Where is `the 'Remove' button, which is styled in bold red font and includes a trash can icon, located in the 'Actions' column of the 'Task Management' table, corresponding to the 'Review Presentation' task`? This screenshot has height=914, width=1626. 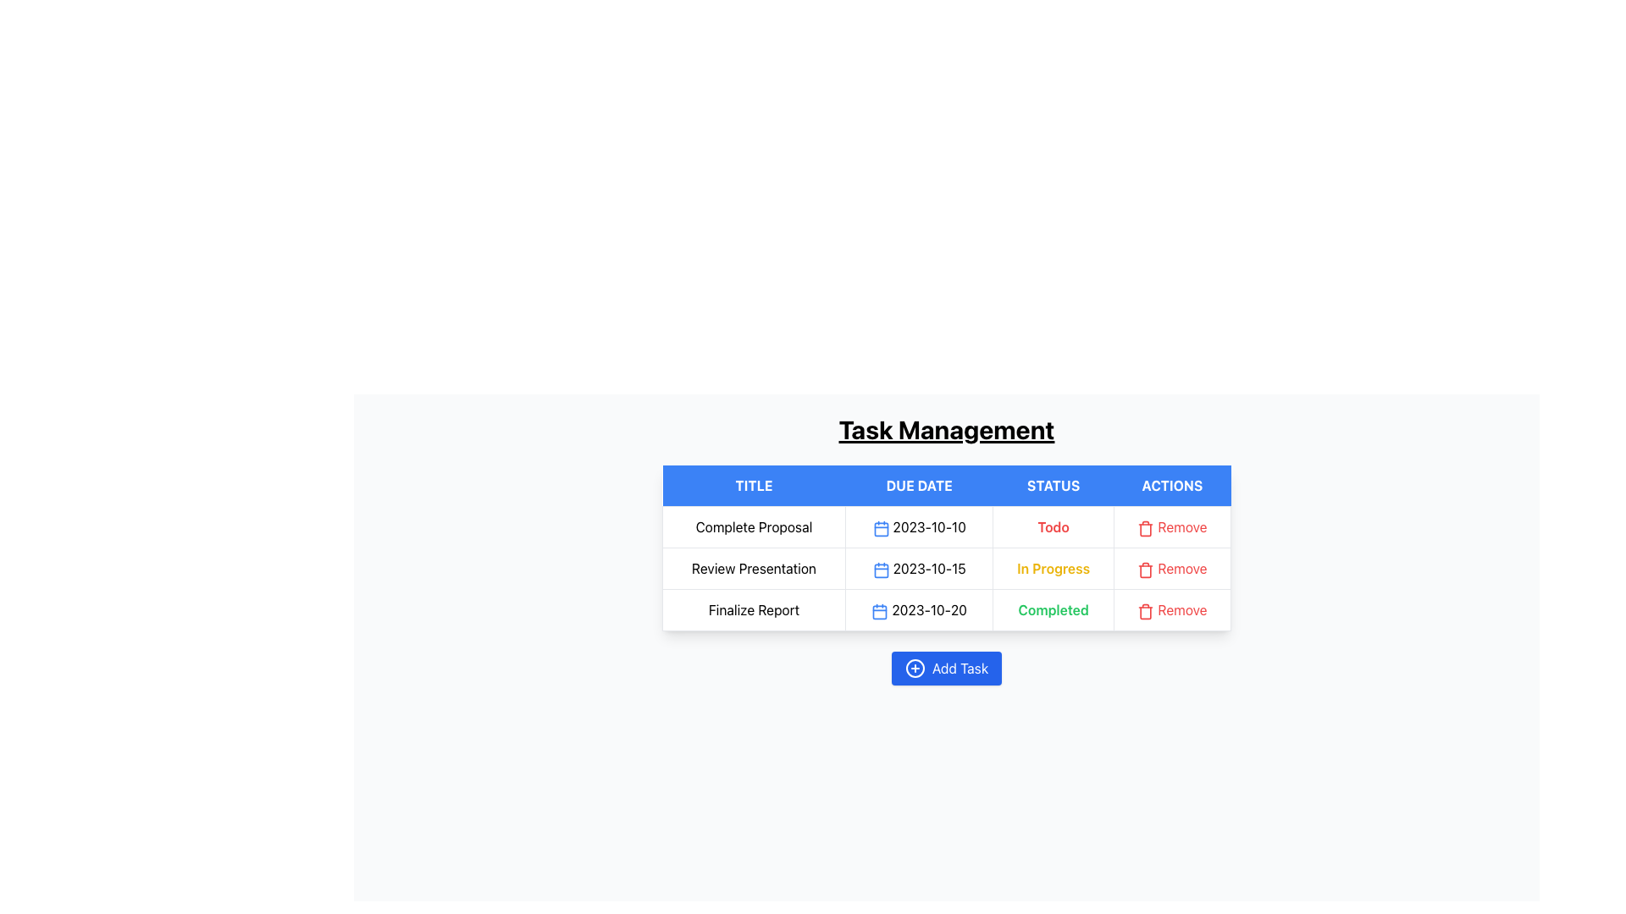
the 'Remove' button, which is styled in bold red font and includes a trash can icon, located in the 'Actions' column of the 'Task Management' table, corresponding to the 'Review Presentation' task is located at coordinates (1171, 568).